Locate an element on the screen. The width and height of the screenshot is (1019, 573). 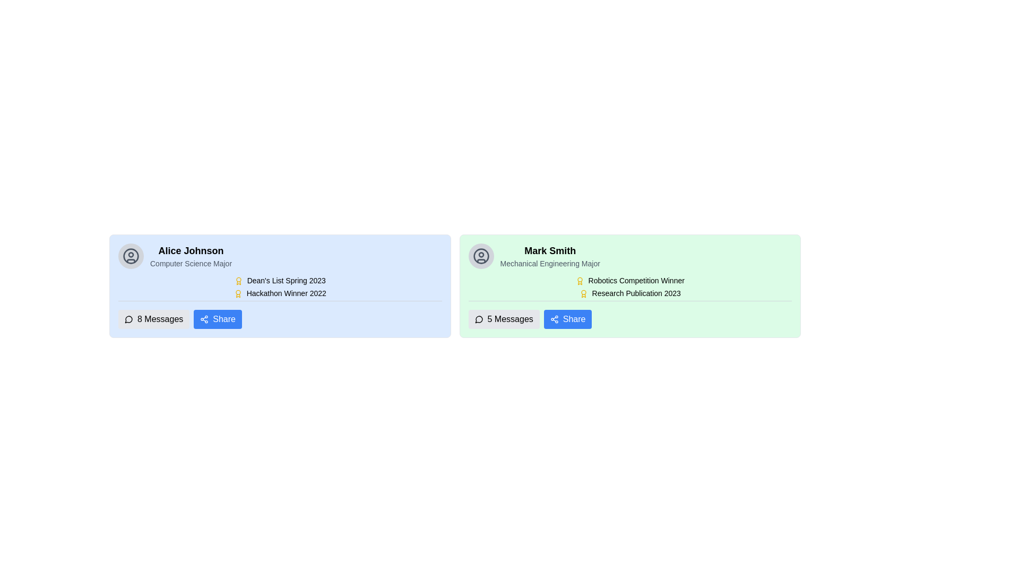
the circular graphical element representing the user profile icon located at the center of the icon on the left card in the interface is located at coordinates (130, 256).